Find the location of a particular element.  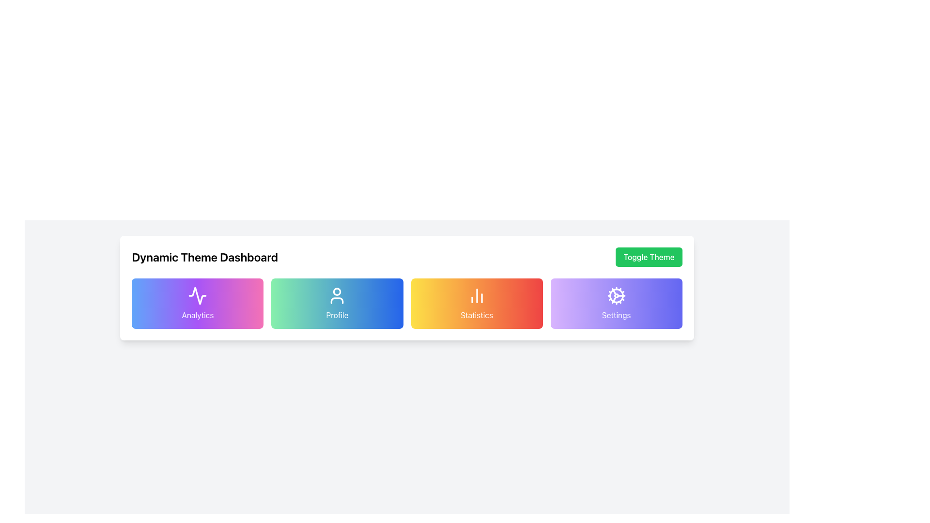

the user profile icon located at the upper region of the 'Profile' card, which is the second card in a row of four, centered horizontally above the text 'Profile' is located at coordinates (337, 295).